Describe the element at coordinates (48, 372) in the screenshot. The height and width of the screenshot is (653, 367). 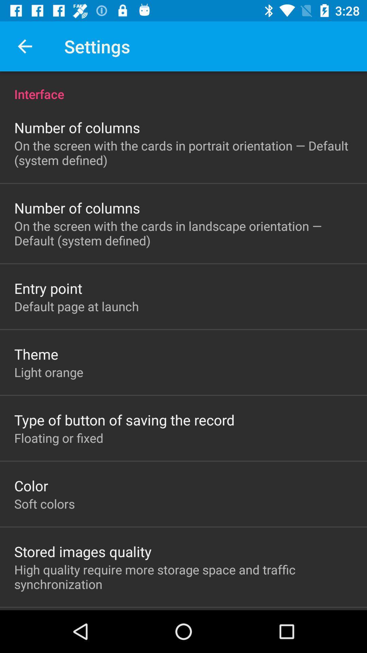
I see `the item below theme icon` at that location.